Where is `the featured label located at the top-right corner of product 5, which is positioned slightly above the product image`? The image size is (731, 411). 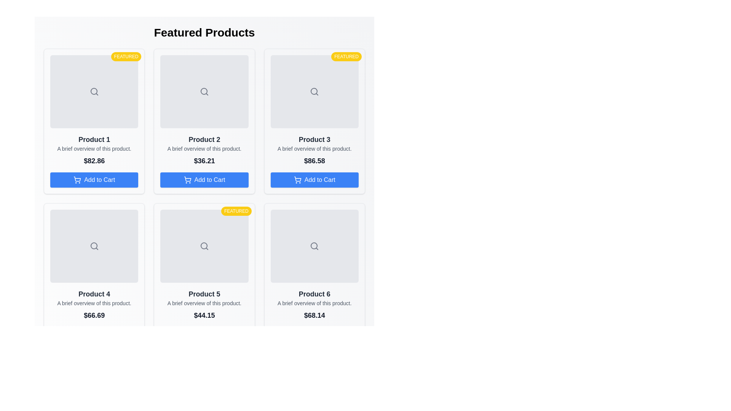 the featured label located at the top-right corner of product 5, which is positioned slightly above the product image is located at coordinates (236, 211).